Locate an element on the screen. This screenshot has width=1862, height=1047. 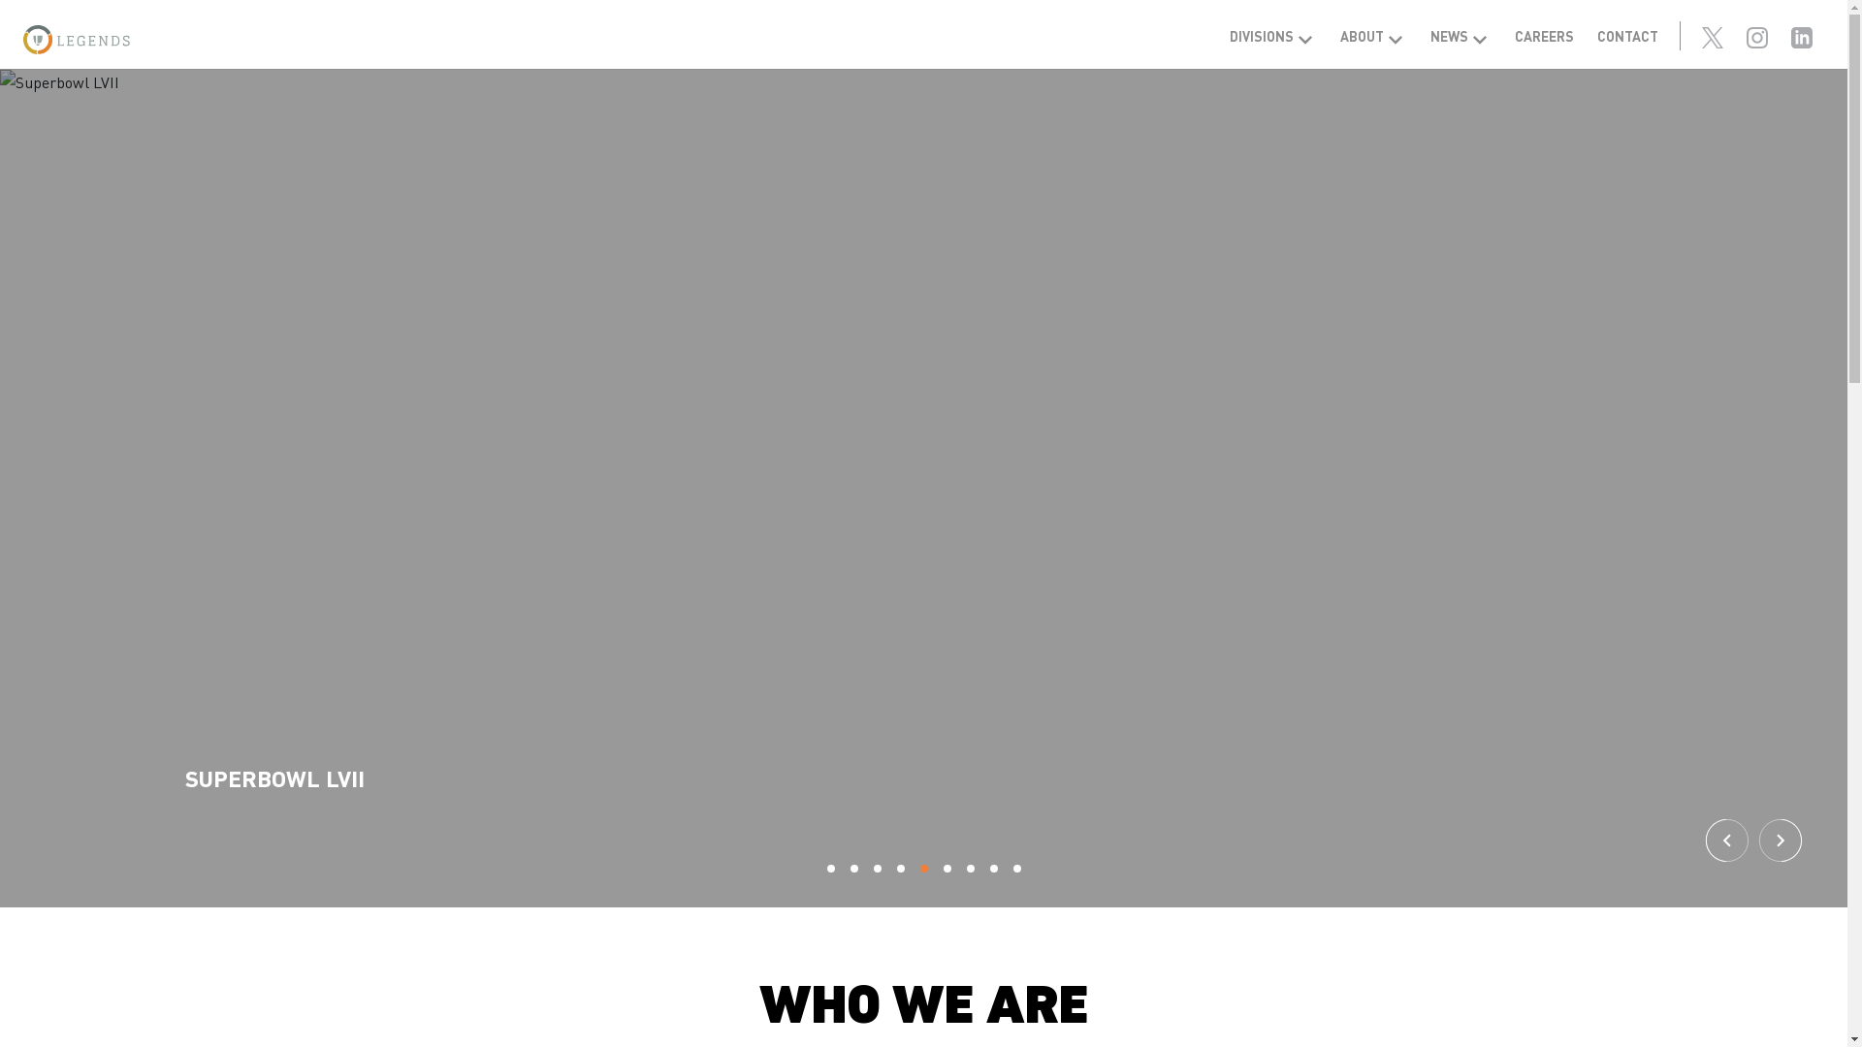
'CONTACT' is located at coordinates (1586, 36).